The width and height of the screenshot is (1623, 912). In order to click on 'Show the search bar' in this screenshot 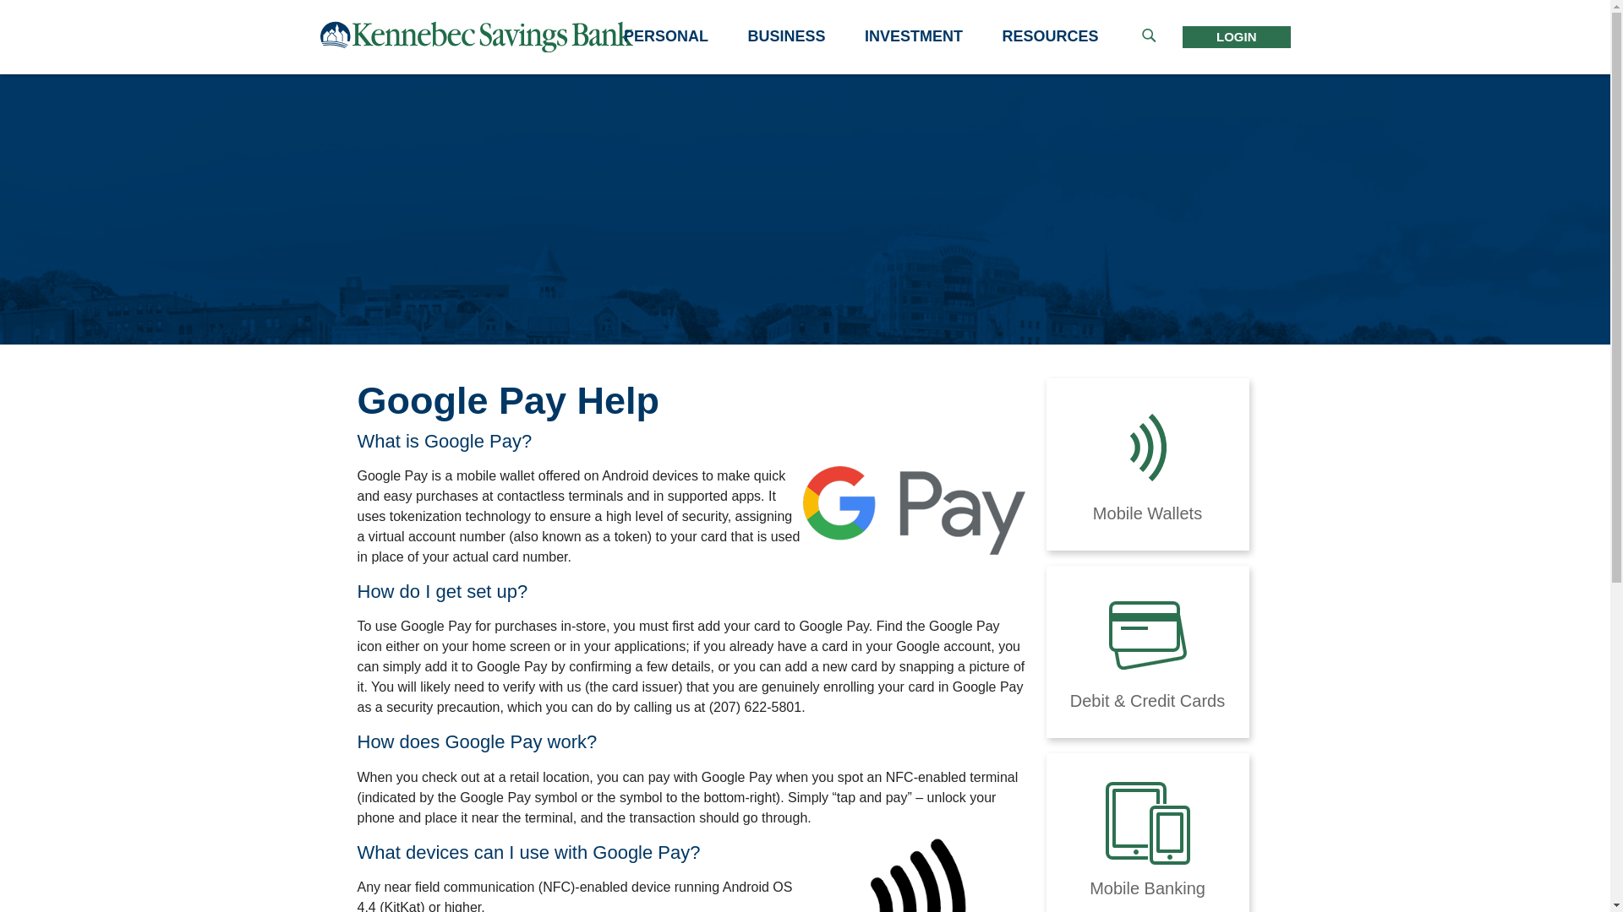, I will do `click(1148, 36)`.